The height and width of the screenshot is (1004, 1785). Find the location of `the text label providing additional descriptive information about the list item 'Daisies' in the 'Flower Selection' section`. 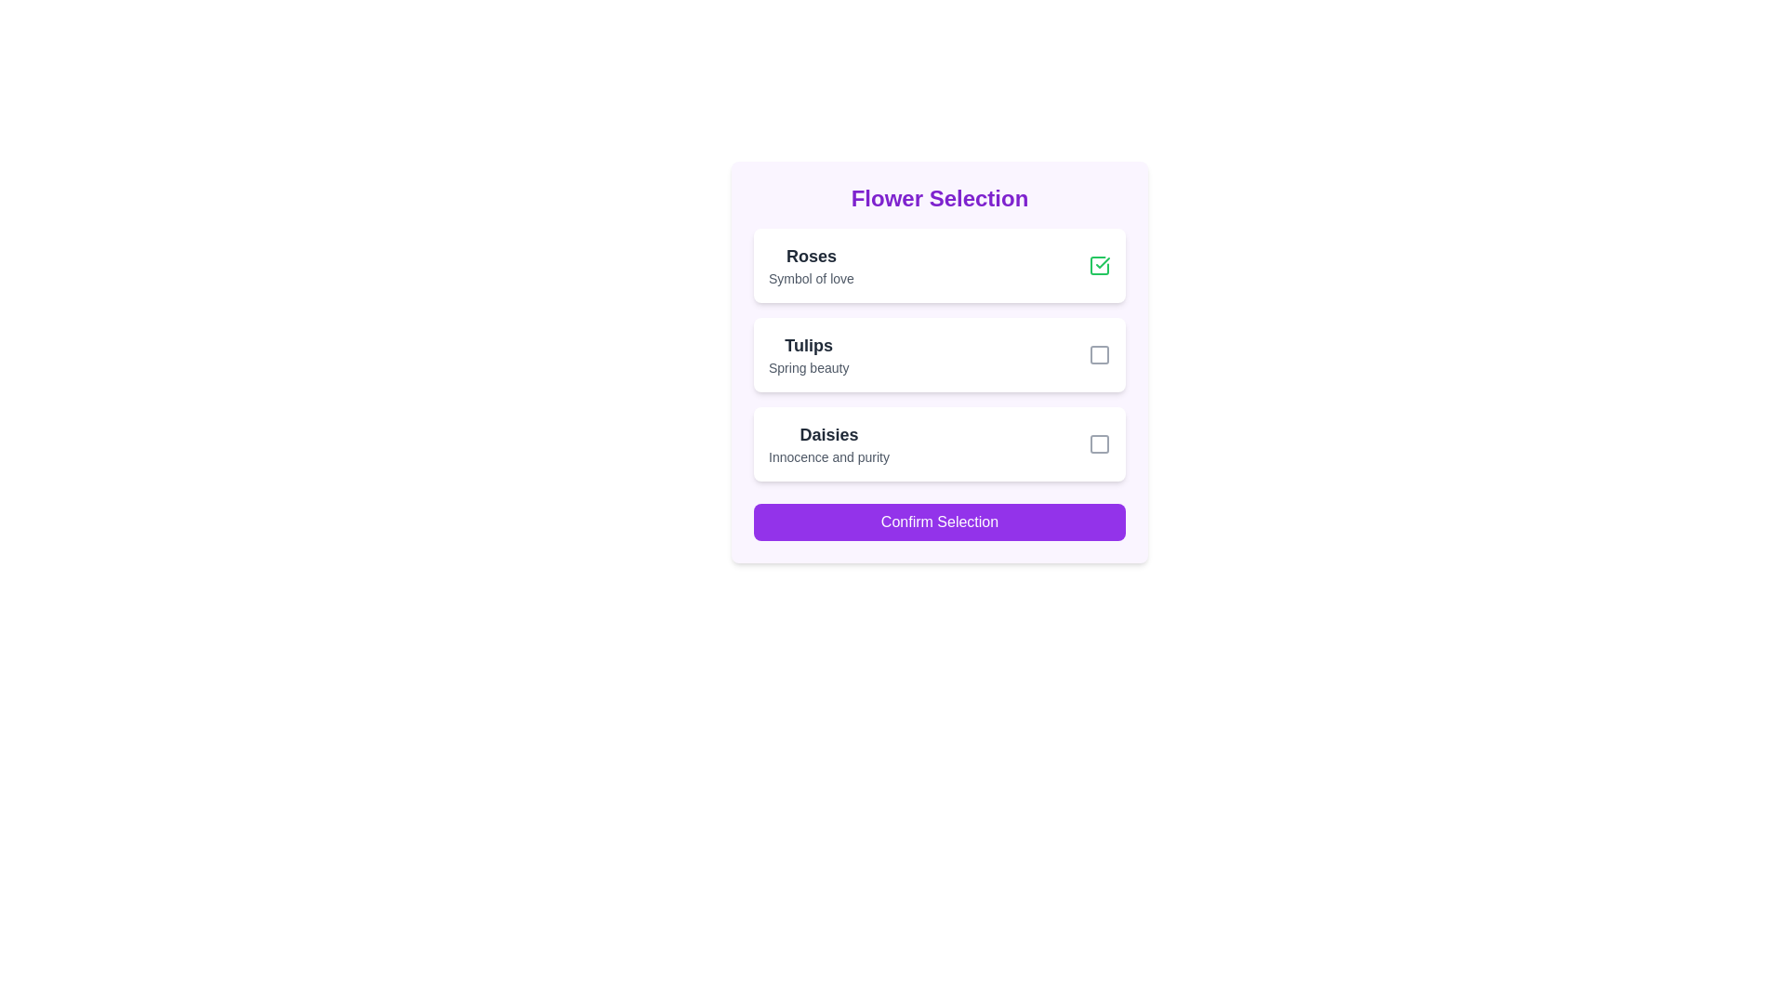

the text label providing additional descriptive information about the list item 'Daisies' in the 'Flower Selection' section is located at coordinates (828, 457).